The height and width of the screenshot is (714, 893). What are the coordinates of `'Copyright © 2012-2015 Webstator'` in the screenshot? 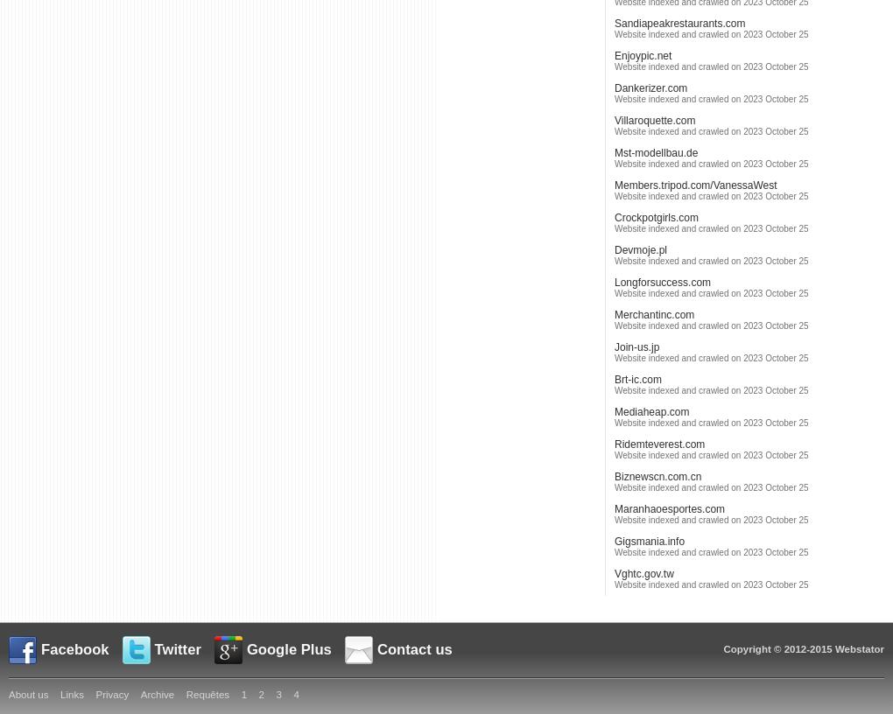 It's located at (804, 648).